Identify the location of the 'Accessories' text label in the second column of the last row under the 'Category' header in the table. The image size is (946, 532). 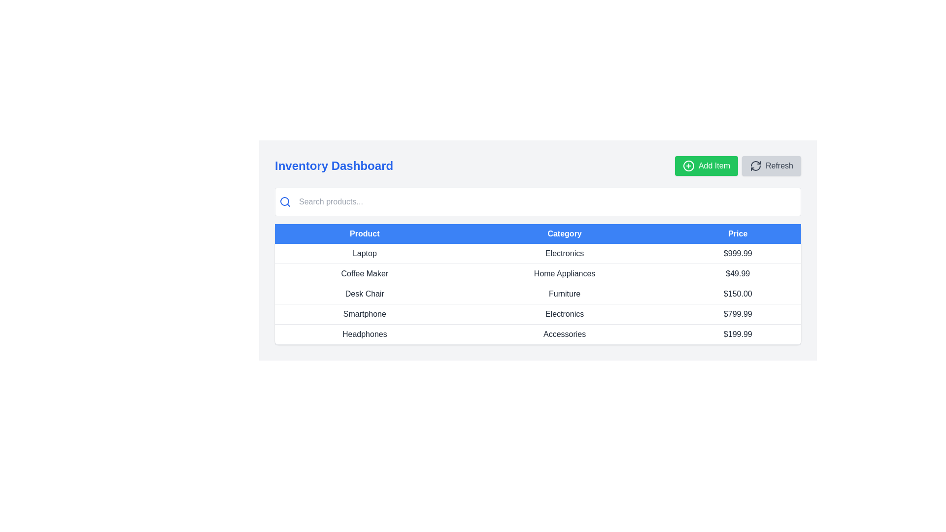
(565, 333).